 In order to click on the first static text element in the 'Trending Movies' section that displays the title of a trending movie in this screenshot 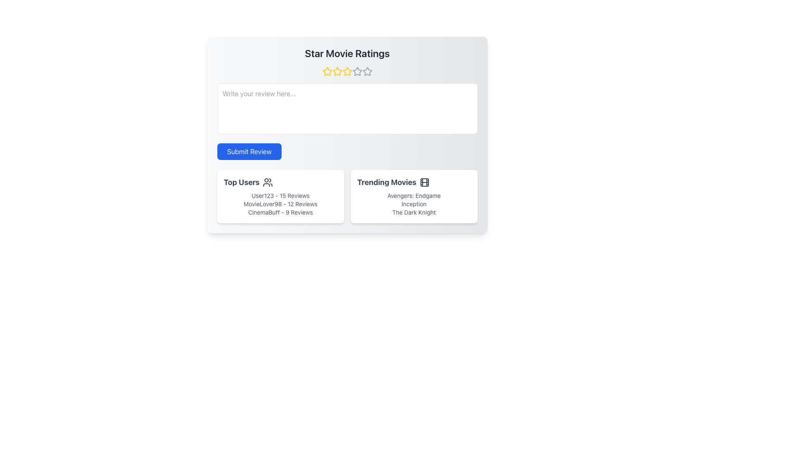, I will do `click(414, 196)`.